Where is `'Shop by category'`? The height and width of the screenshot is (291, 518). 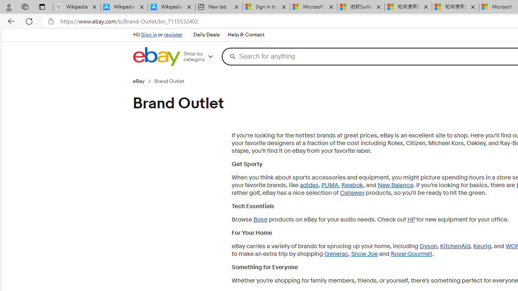
'Shop by category' is located at coordinates (201, 56).